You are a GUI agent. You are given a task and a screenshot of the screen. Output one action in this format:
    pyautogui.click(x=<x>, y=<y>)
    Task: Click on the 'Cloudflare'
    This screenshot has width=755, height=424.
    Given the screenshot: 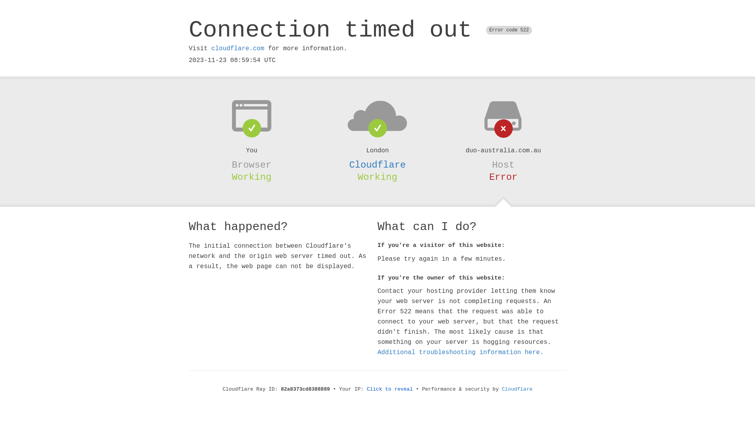 What is the action you would take?
    pyautogui.click(x=377, y=164)
    